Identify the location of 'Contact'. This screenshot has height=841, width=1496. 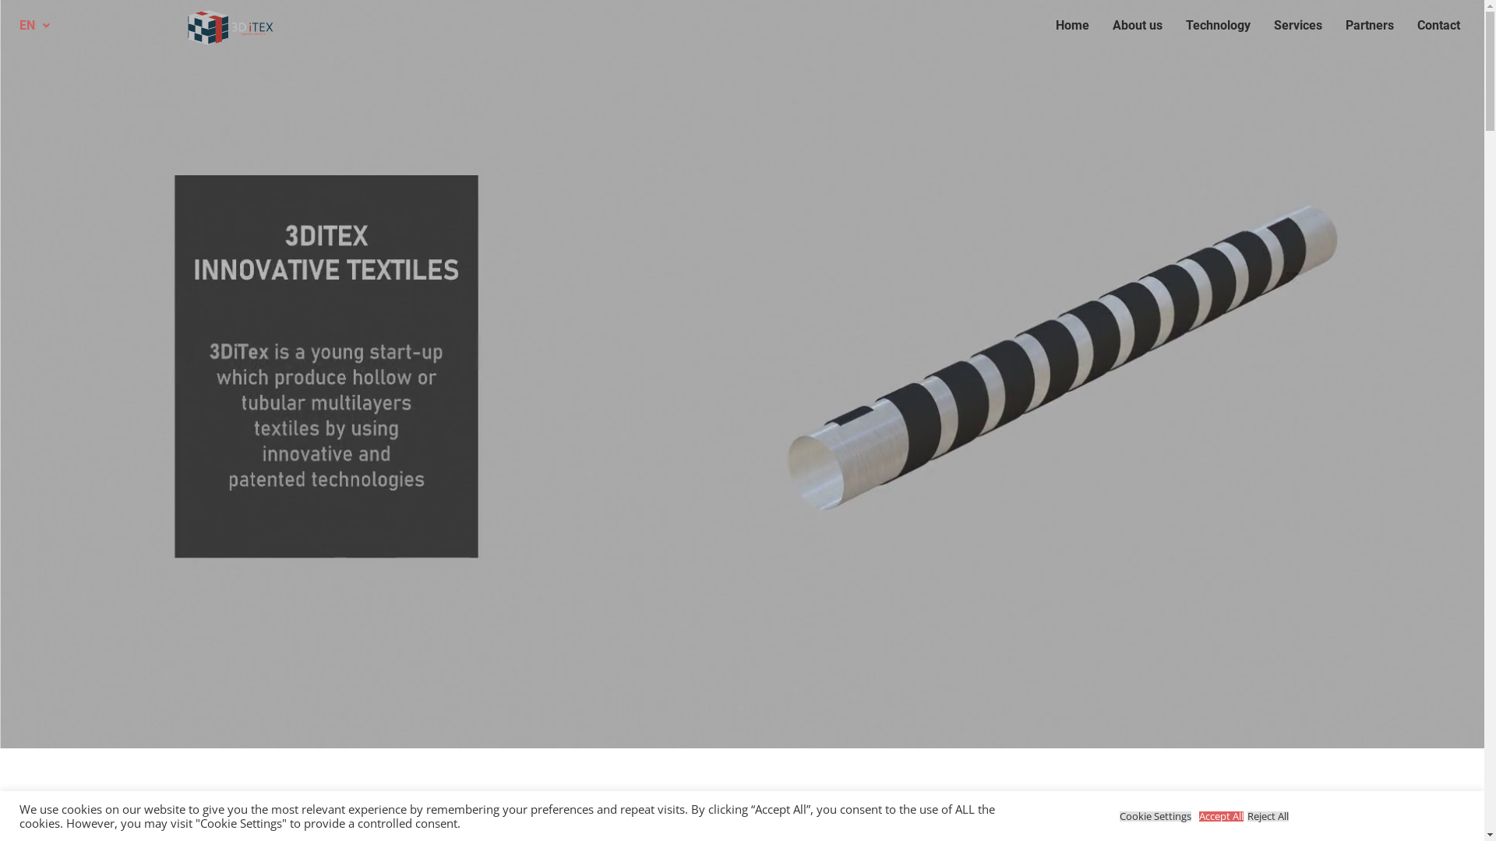
(1438, 26).